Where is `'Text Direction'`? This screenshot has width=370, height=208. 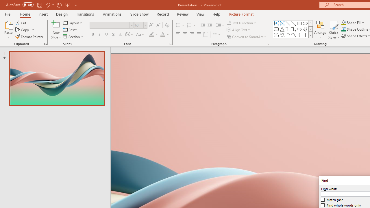
'Text Direction' is located at coordinates (242, 23).